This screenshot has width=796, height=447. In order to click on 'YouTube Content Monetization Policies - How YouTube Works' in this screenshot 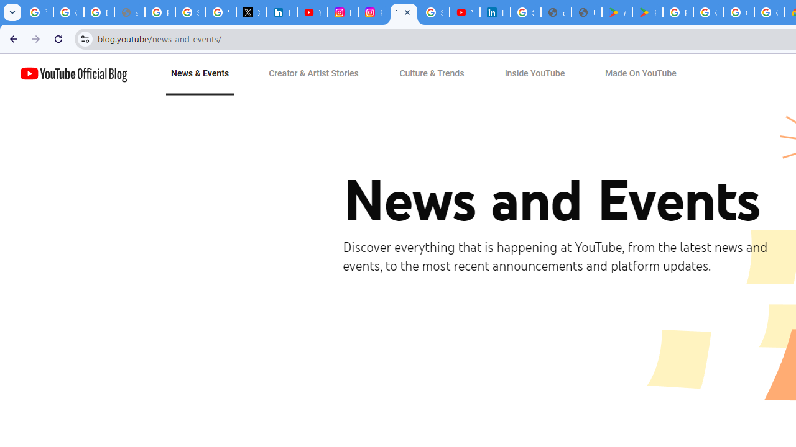, I will do `click(312, 12)`.